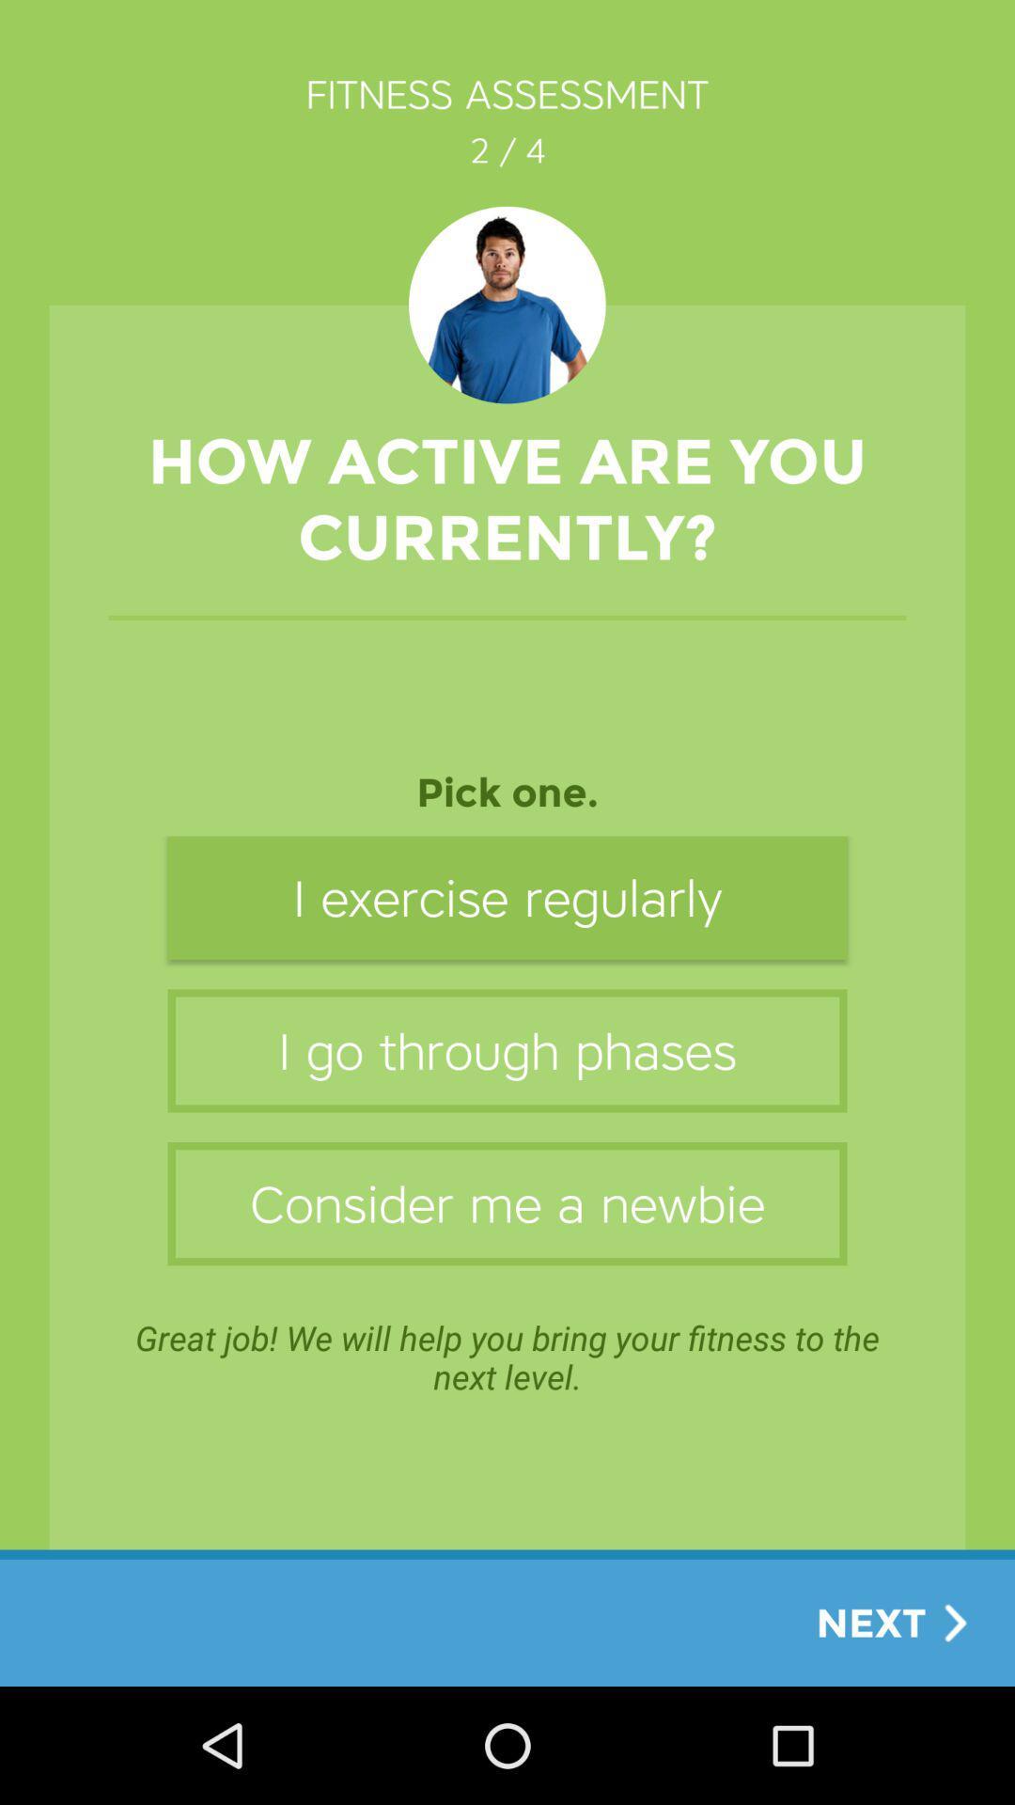 The height and width of the screenshot is (1805, 1015). Describe the element at coordinates (507, 897) in the screenshot. I see `the icon below pick one. item` at that location.